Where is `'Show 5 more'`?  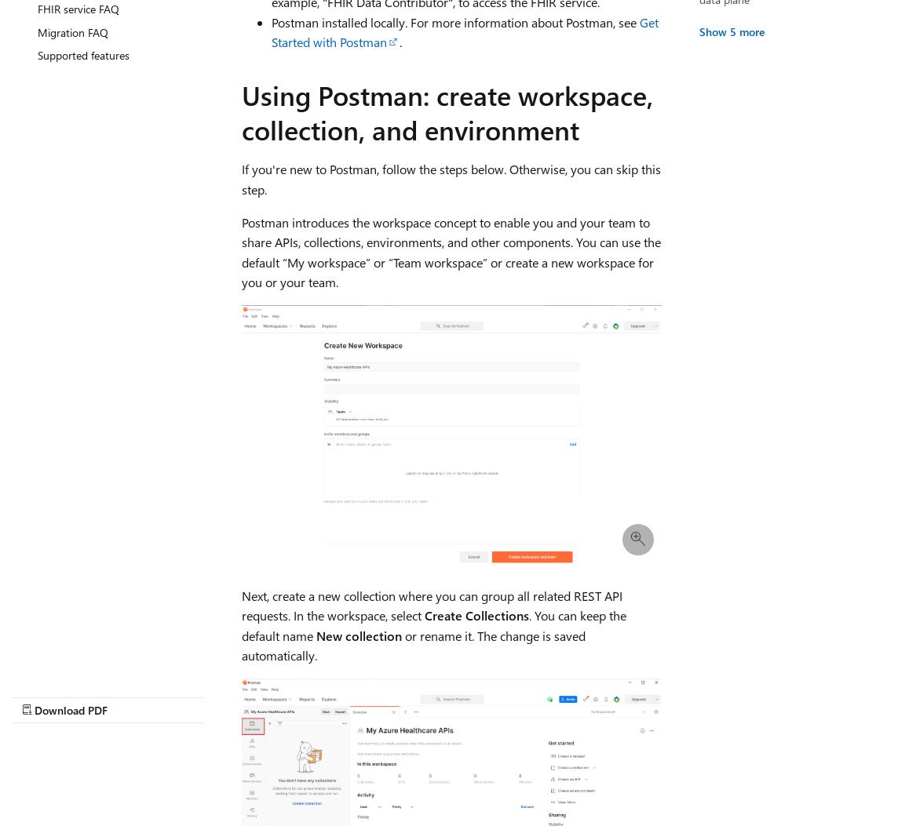
'Show 5 more' is located at coordinates (730, 31).